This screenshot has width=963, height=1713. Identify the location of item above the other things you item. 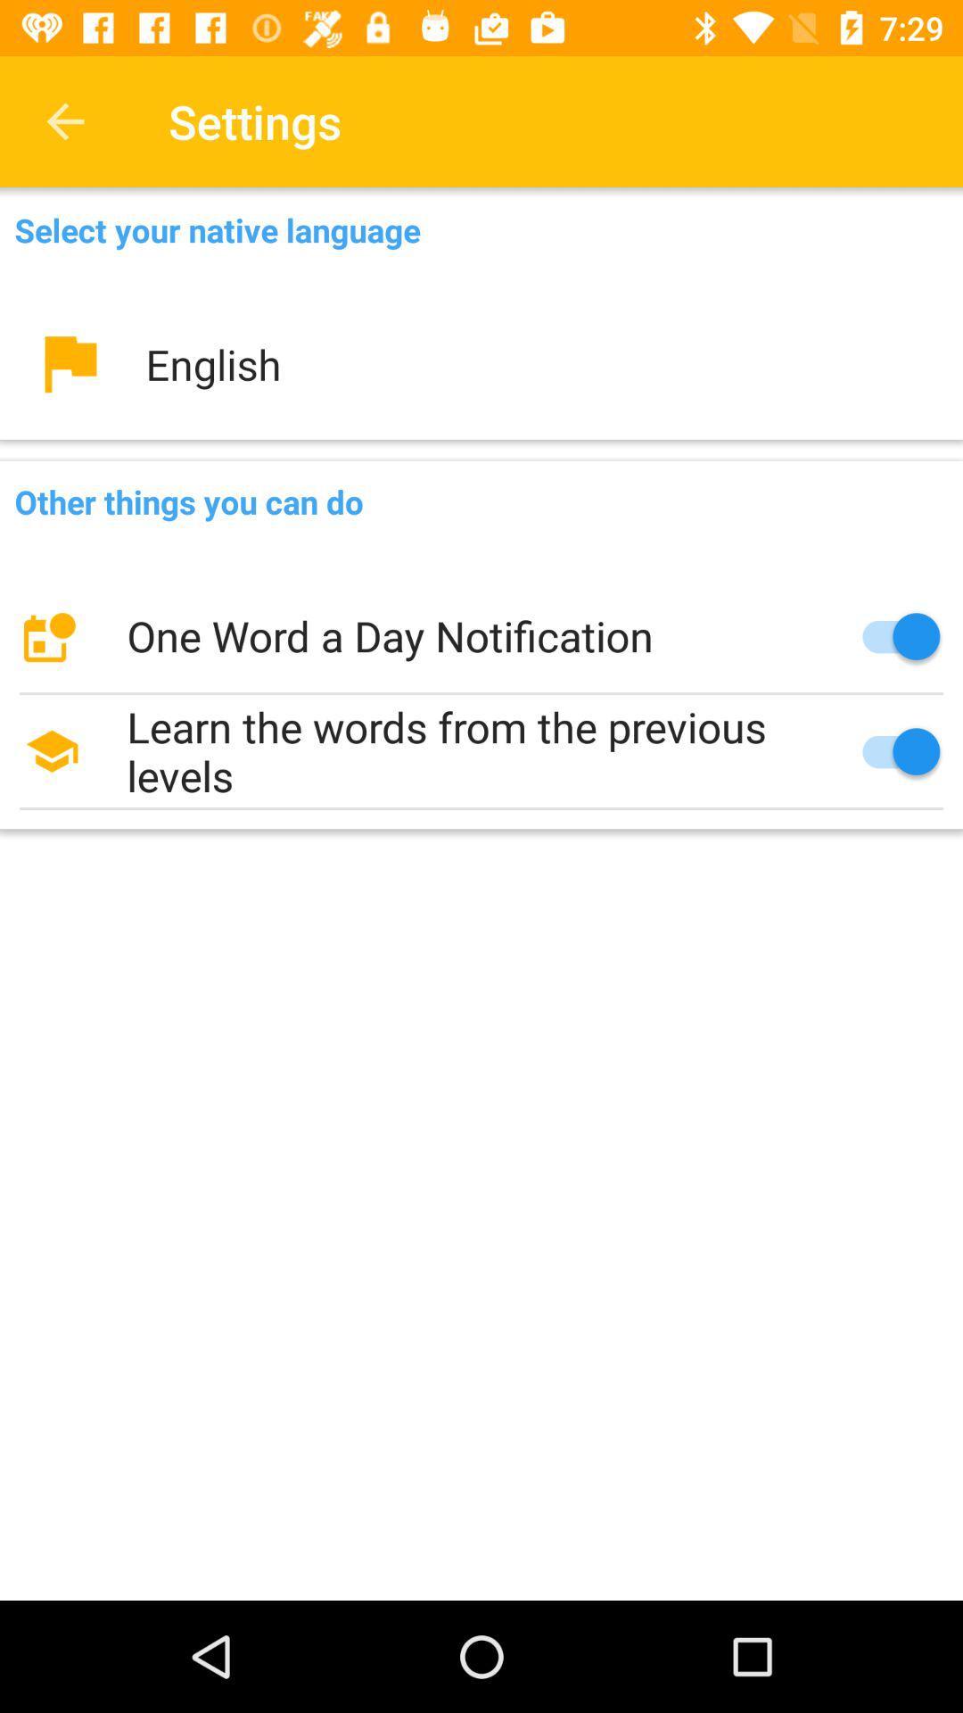
(481, 363).